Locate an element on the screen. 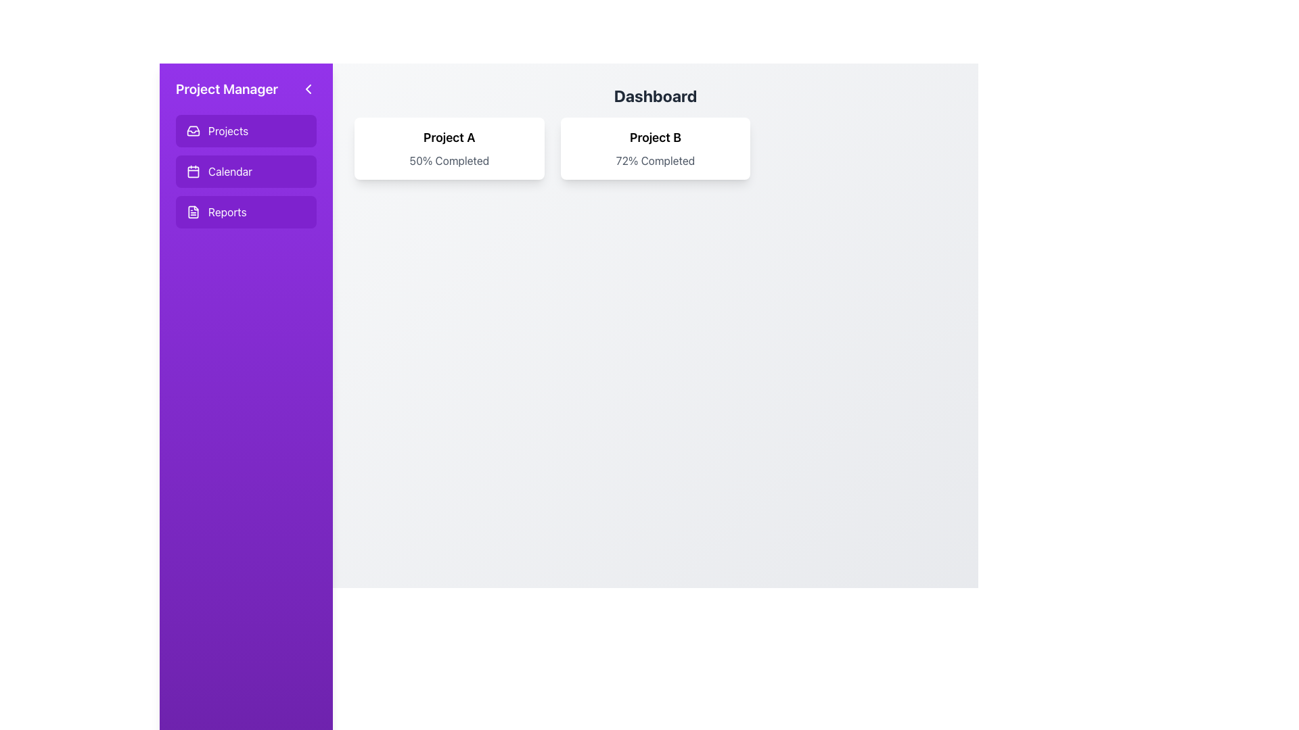  the 'Reports' icon located in the sidebar menu, positioned below the 'Projects' and 'Calendar' buttons is located at coordinates (193, 212).